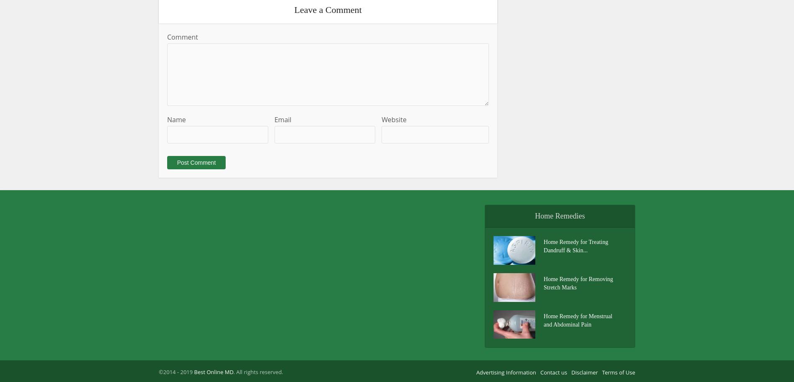  What do you see at coordinates (571, 372) in the screenshot?
I see `'Disclaimer'` at bounding box center [571, 372].